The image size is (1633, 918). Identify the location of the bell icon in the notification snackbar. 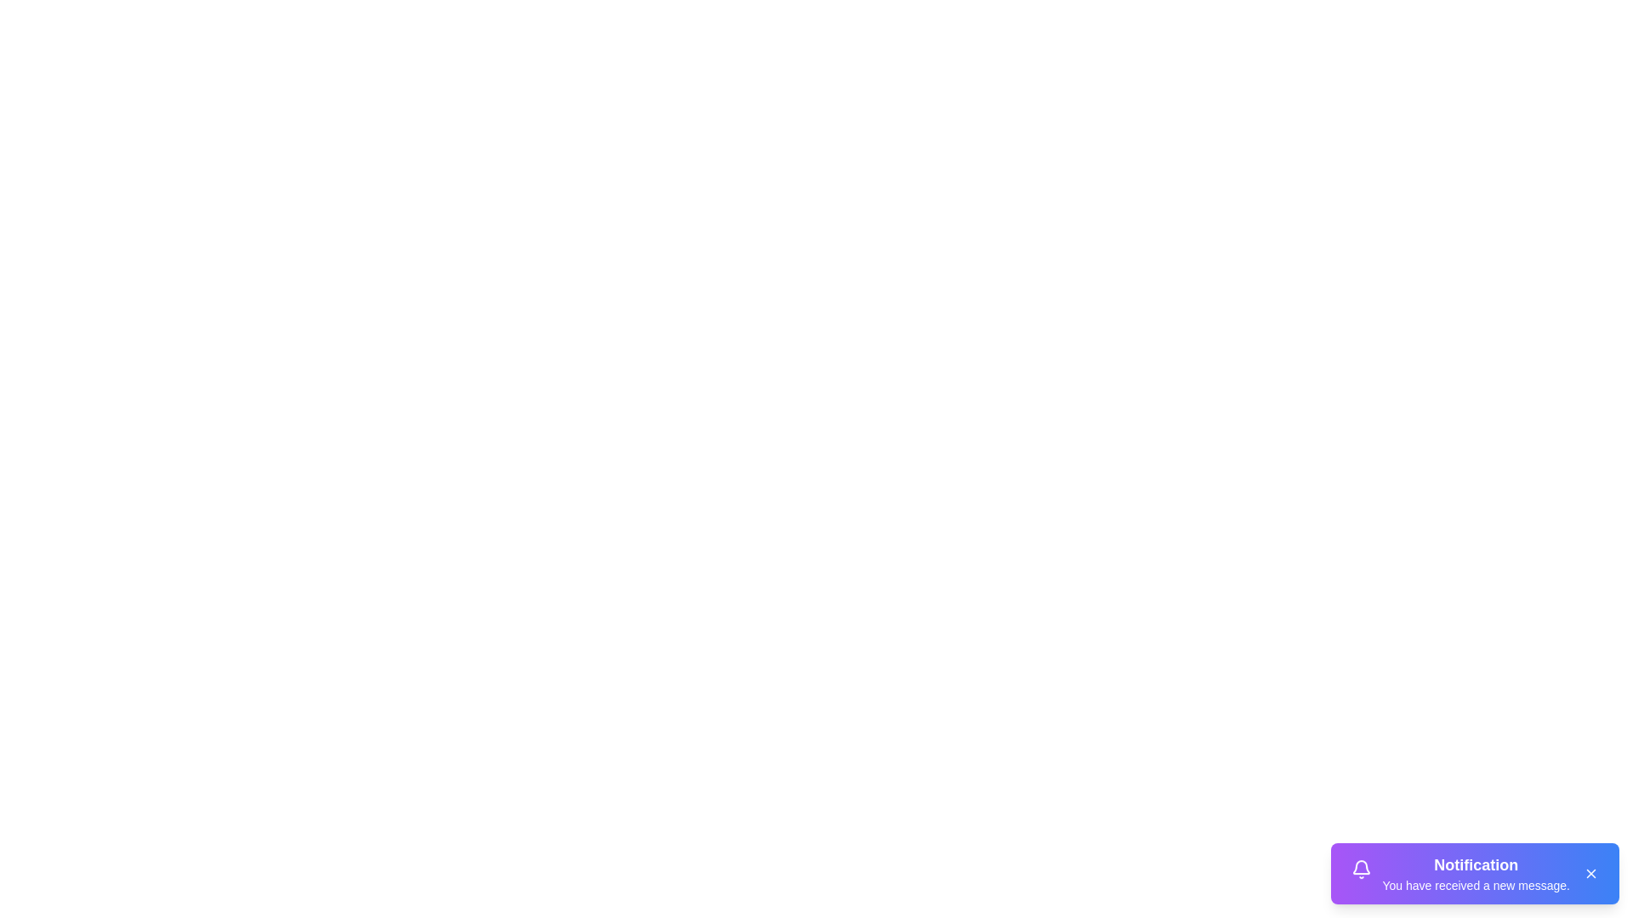
(1362, 871).